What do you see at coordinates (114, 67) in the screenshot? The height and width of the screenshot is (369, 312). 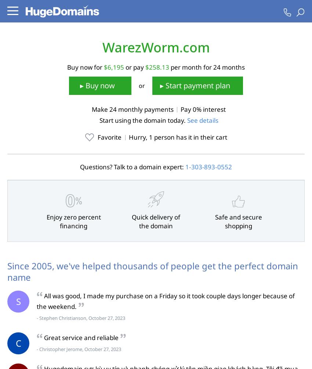 I see `'$6,195'` at bounding box center [114, 67].